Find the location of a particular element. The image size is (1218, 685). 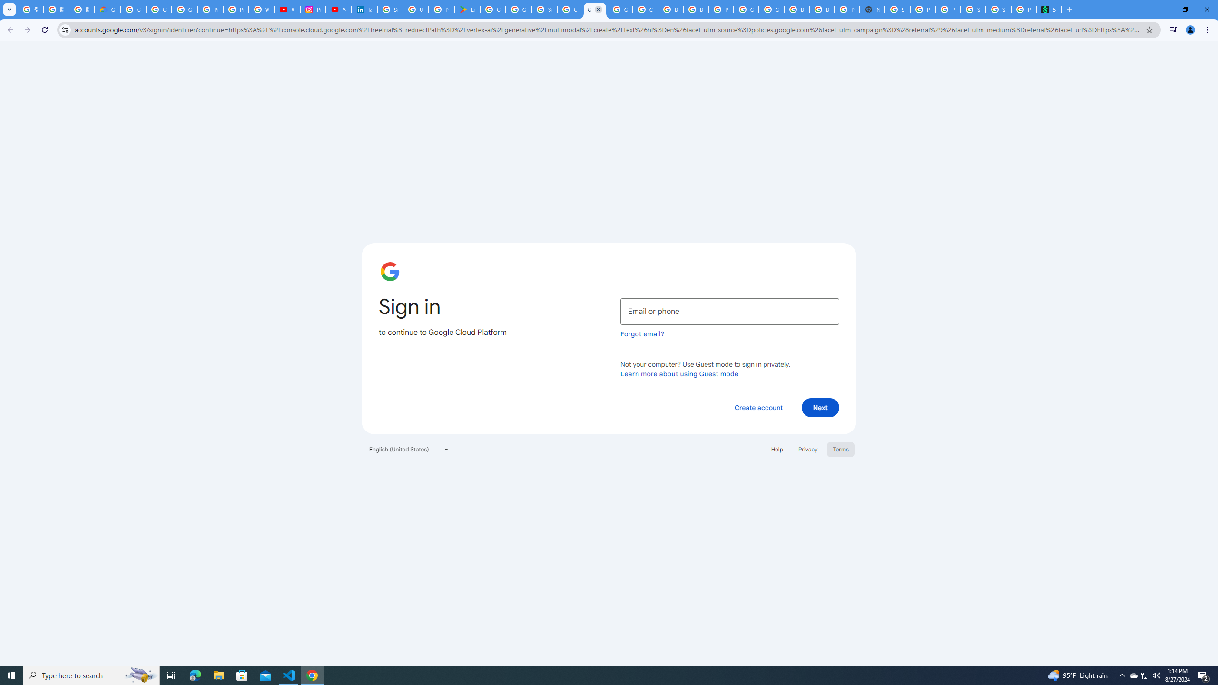

'Forgot email?' is located at coordinates (642, 333).